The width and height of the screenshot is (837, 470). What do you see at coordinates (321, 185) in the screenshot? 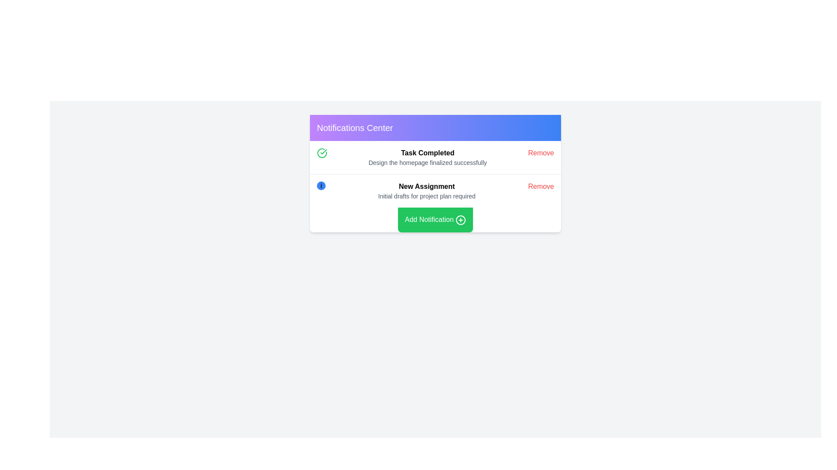
I see `the information icon located in the notification card under 'New Assignment'` at bounding box center [321, 185].